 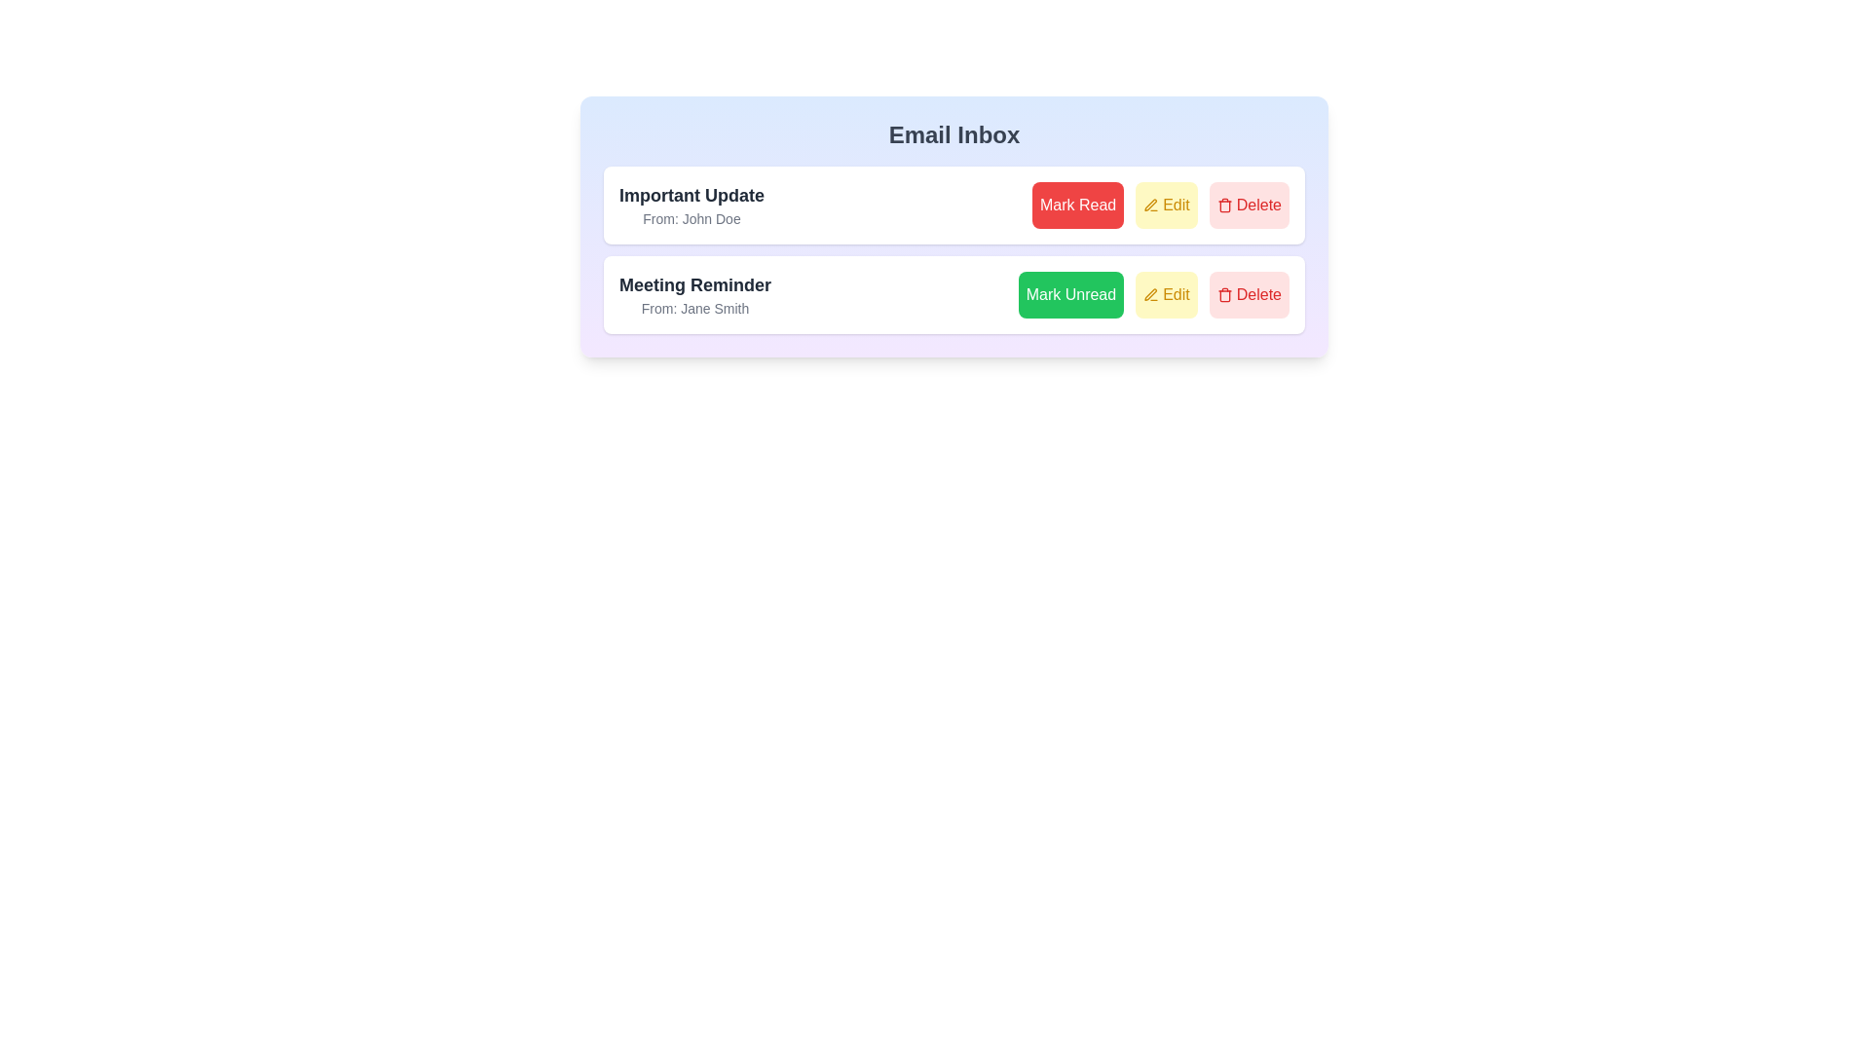 What do you see at coordinates (1166, 295) in the screenshot?
I see `'Edit' button for the email with subject Meeting Reminder` at bounding box center [1166, 295].